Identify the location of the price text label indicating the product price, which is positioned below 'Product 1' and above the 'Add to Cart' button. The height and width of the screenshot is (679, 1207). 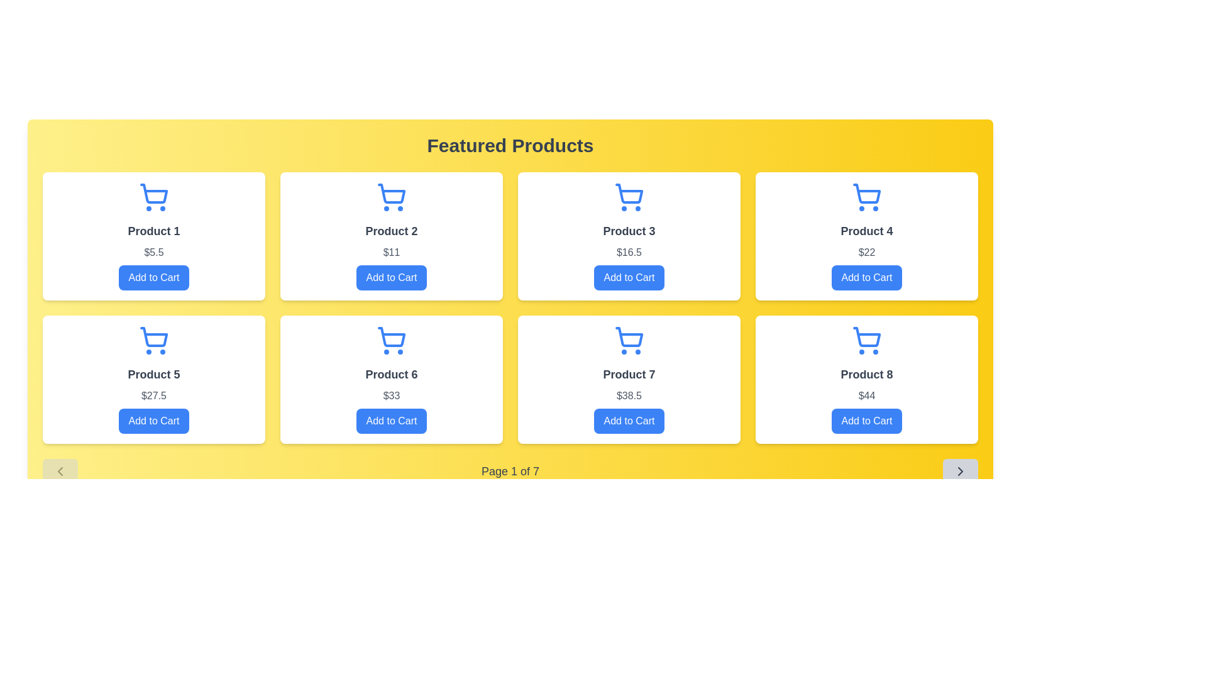
(153, 252).